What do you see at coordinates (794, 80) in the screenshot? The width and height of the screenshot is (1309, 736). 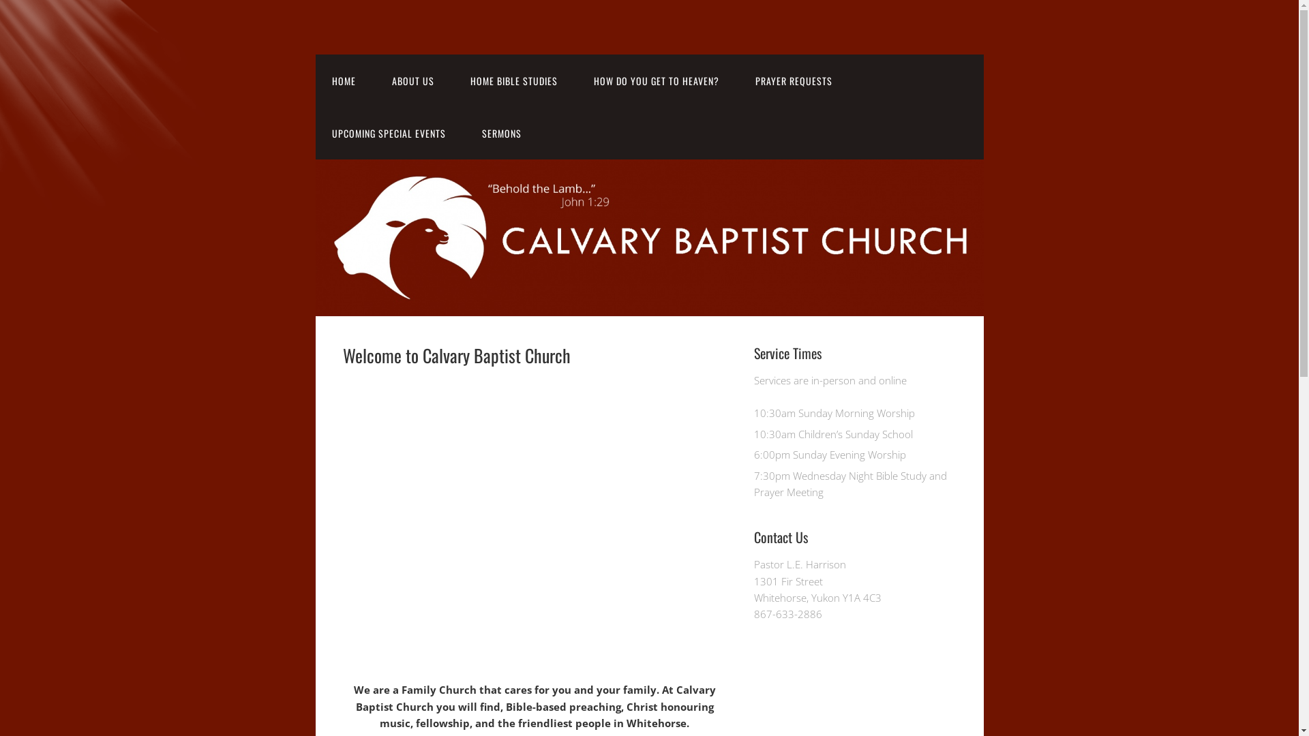 I see `'PRAYER REQUESTS'` at bounding box center [794, 80].